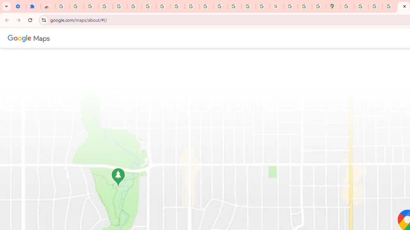 The image size is (410, 230). What do you see at coordinates (77, 6) in the screenshot?
I see `'Delete photos & videos - Computer - Google Photos Help'` at bounding box center [77, 6].